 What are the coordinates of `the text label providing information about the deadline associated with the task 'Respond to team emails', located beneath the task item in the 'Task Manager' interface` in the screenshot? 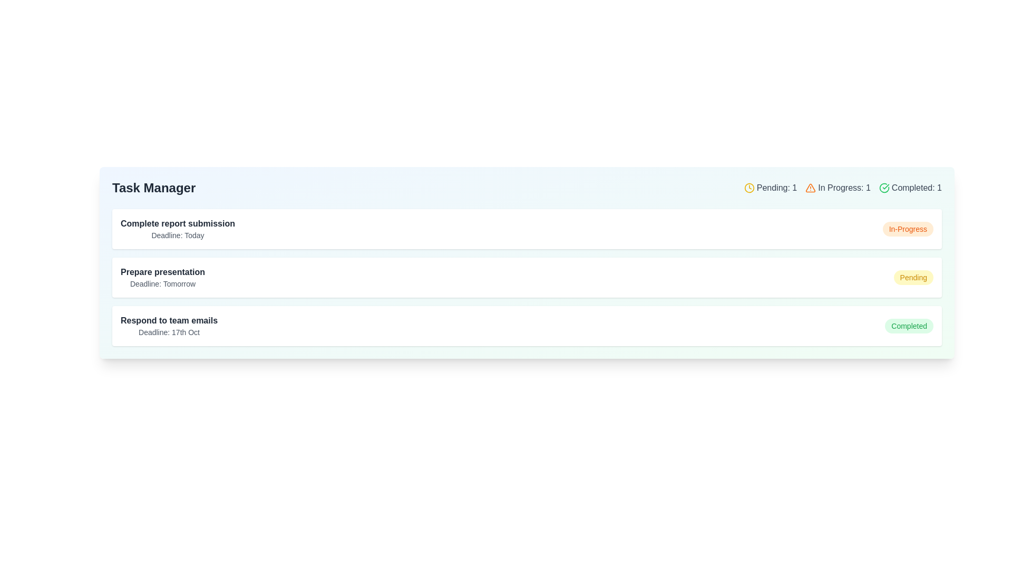 It's located at (169, 332).